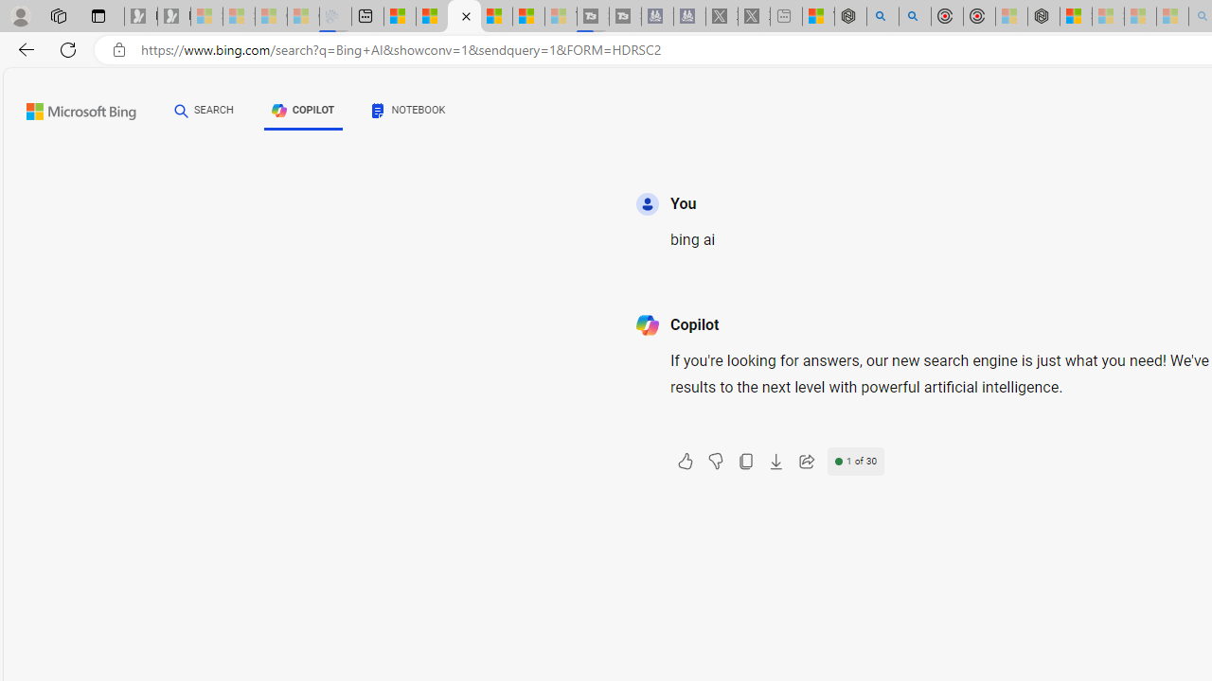  I want to click on 'Nordace - Nordace Siena Is Not An Ordinary Backpack', so click(1043, 16).